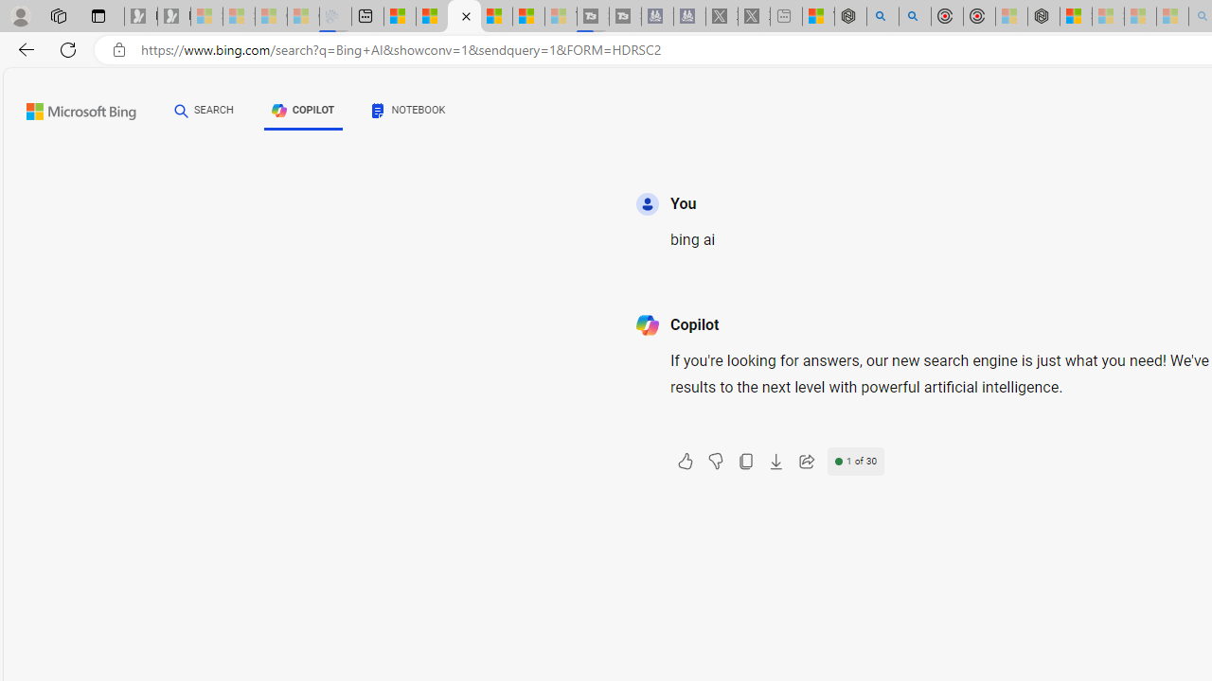  I want to click on 'Nordace - Nordace Siena Is Not An Ordinary Backpack', so click(1043, 16).